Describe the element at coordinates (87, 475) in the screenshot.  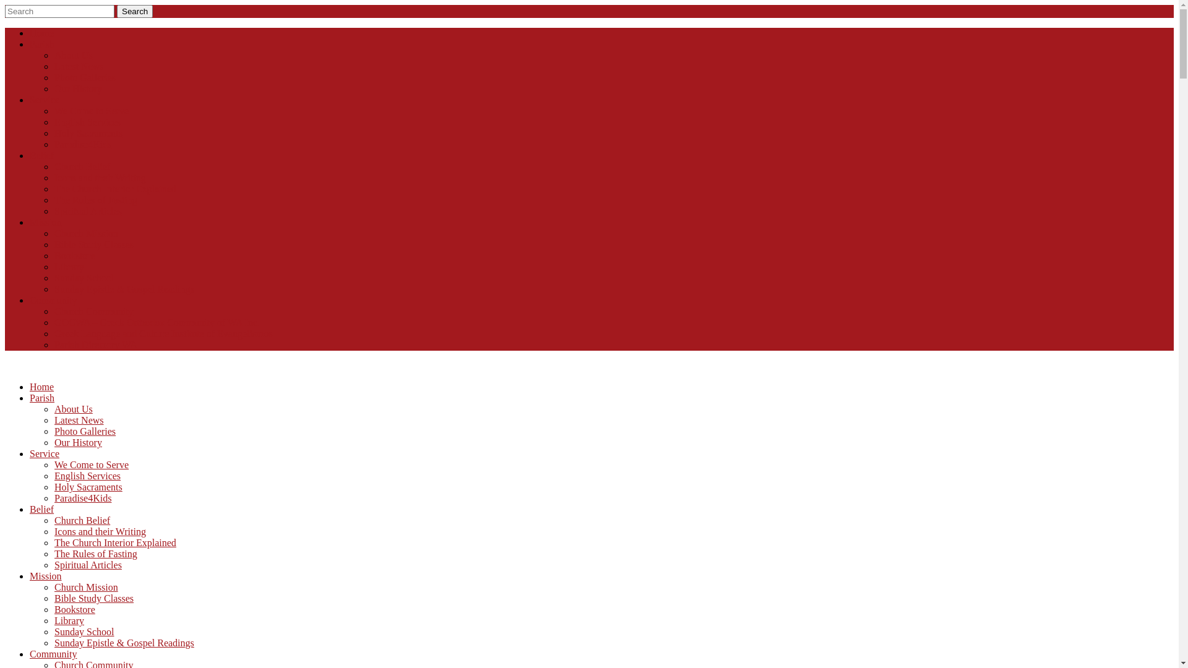
I see `'English Services'` at that location.